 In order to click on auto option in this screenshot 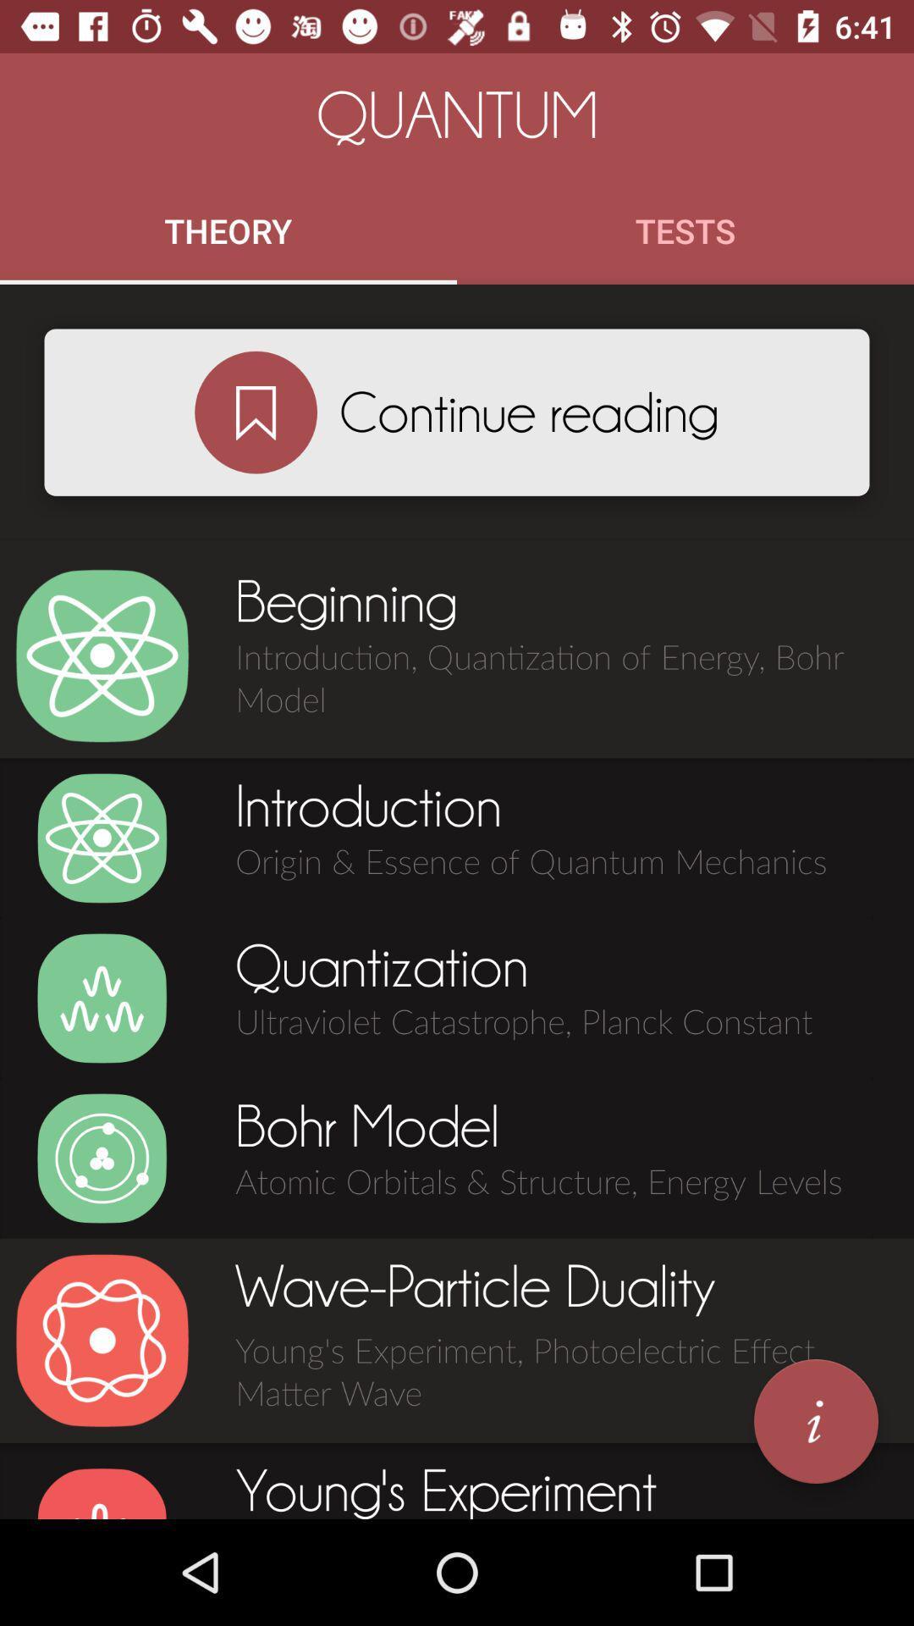, I will do `click(102, 1158)`.